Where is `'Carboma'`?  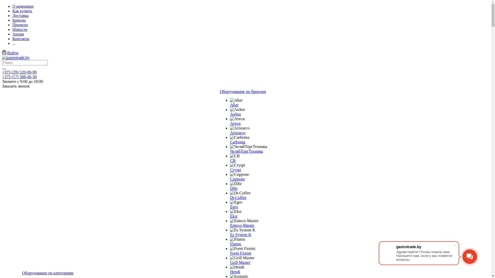
'Carboma' is located at coordinates (237, 142).